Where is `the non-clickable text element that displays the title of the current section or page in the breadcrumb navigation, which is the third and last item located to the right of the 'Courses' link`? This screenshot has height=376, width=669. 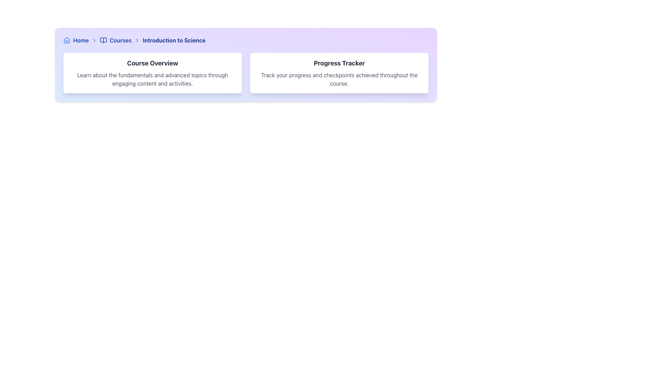
the non-clickable text element that displays the title of the current section or page in the breadcrumb navigation, which is the third and last item located to the right of the 'Courses' link is located at coordinates (174, 40).